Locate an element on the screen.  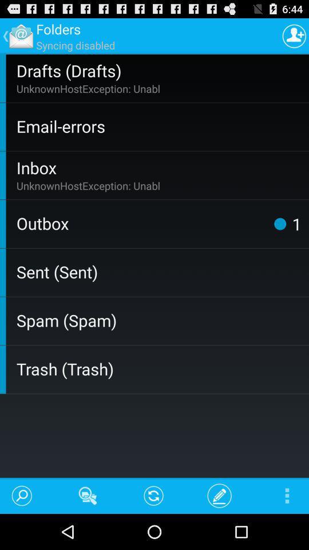
the icon left to the menu button is located at coordinates (219, 495).